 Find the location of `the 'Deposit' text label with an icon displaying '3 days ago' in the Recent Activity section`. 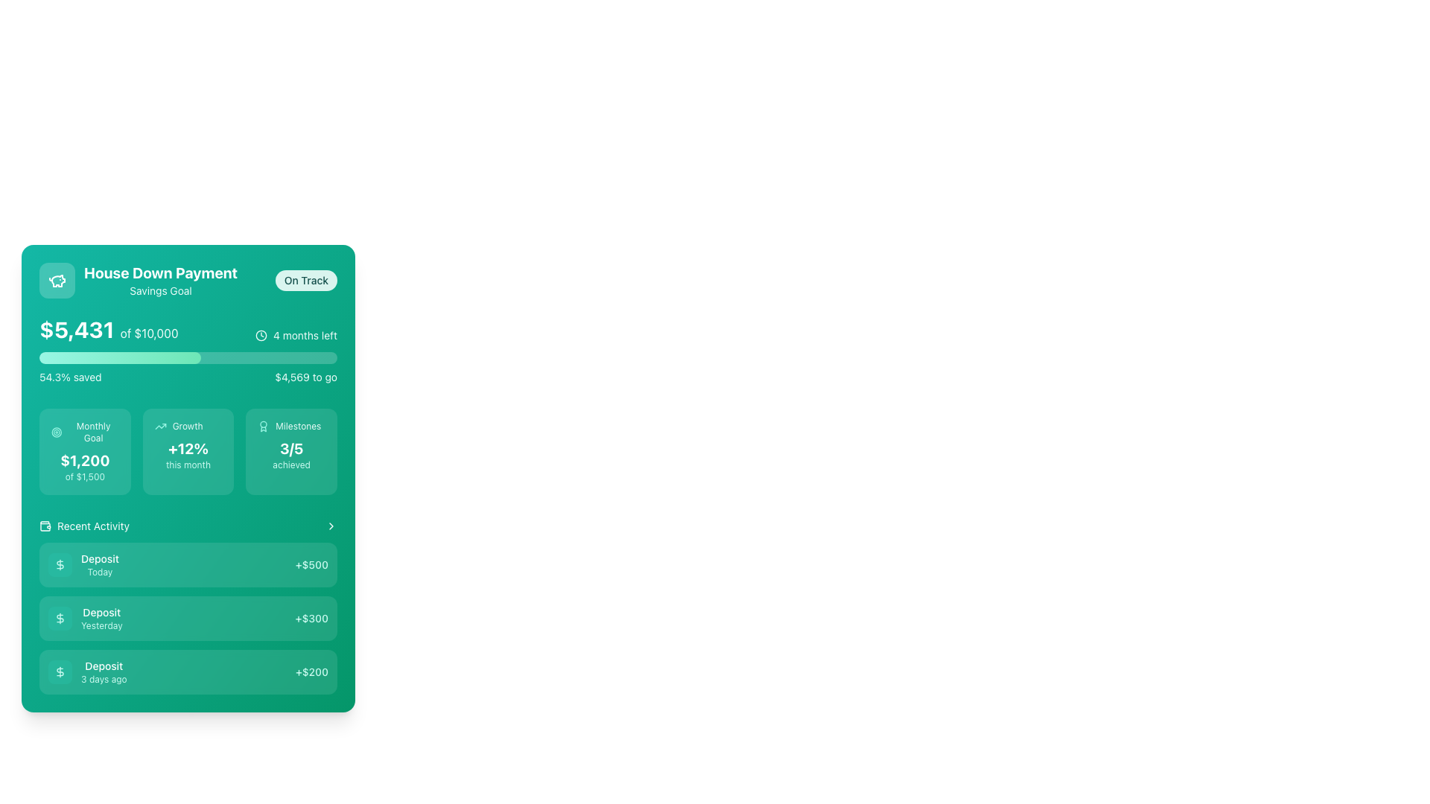

the 'Deposit' text label with an icon displaying '3 days ago' in the Recent Activity section is located at coordinates (86, 671).